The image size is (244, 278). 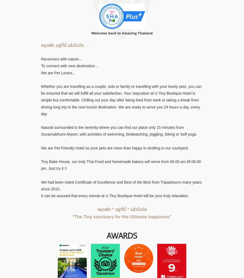 What do you see at coordinates (57, 72) in the screenshot?
I see `'We are Pet Lovers..'` at bounding box center [57, 72].